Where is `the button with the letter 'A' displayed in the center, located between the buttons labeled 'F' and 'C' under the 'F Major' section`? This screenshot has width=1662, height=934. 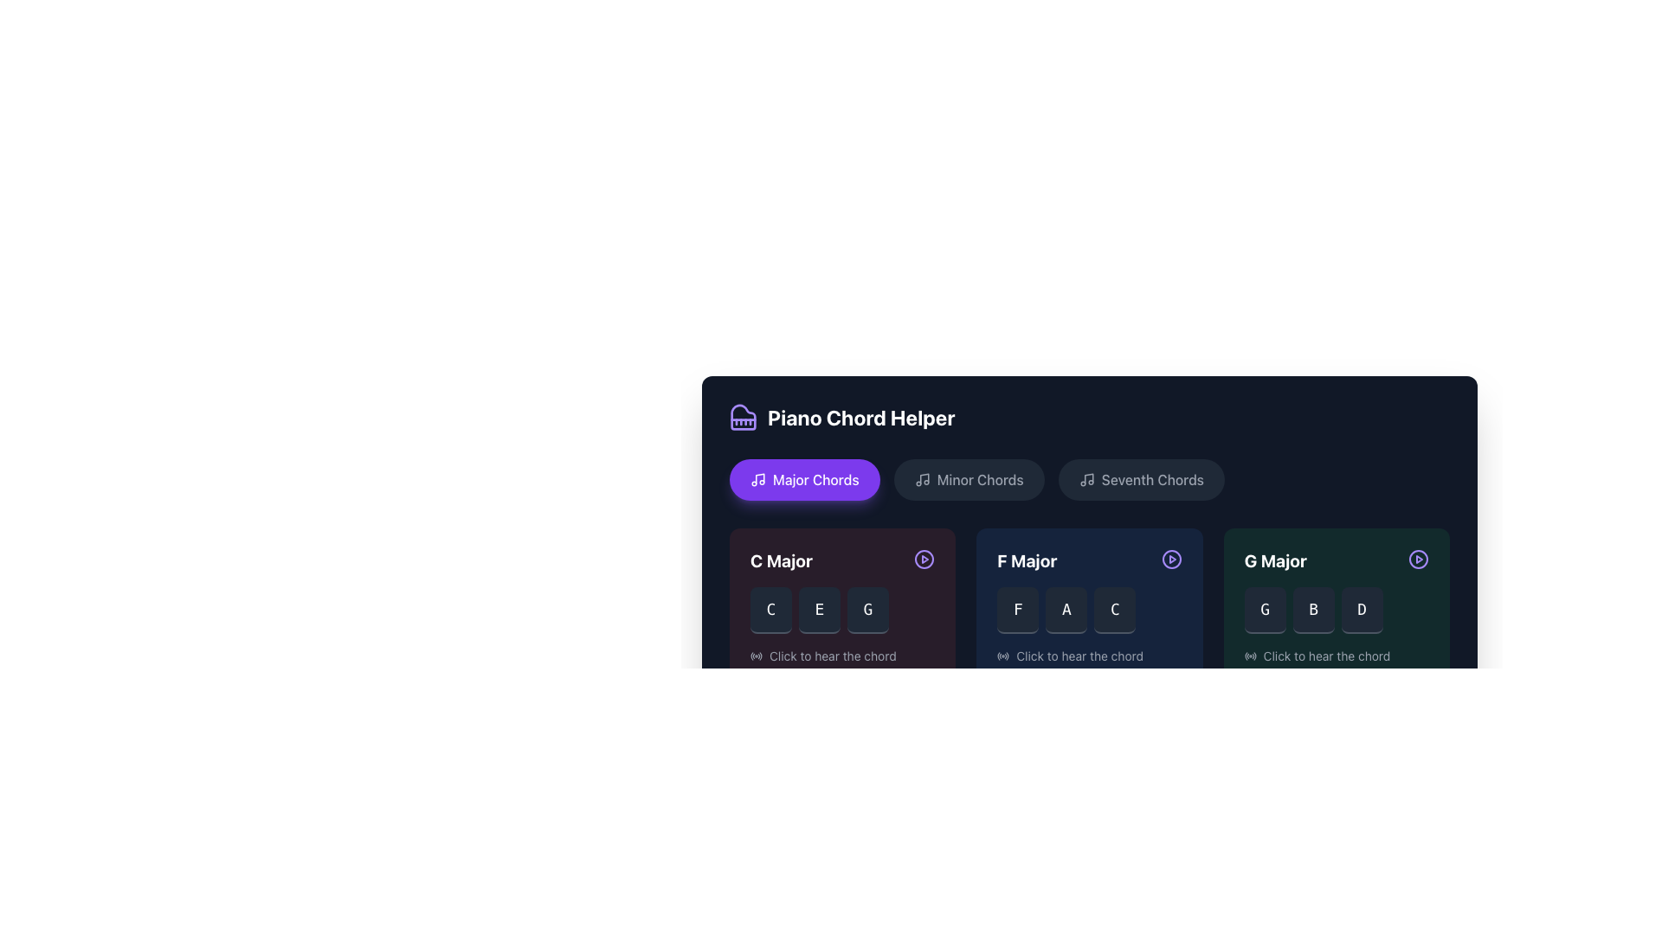 the button with the letter 'A' displayed in the center, located between the buttons labeled 'F' and 'C' under the 'F Major' section is located at coordinates (1066, 609).